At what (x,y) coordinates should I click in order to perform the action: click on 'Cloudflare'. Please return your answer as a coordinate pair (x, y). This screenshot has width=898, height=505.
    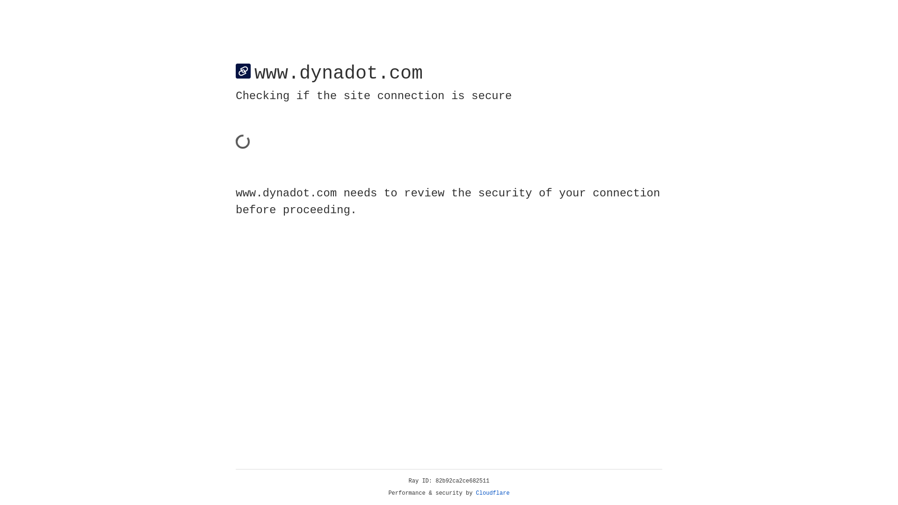
    Looking at the image, I should click on (492, 493).